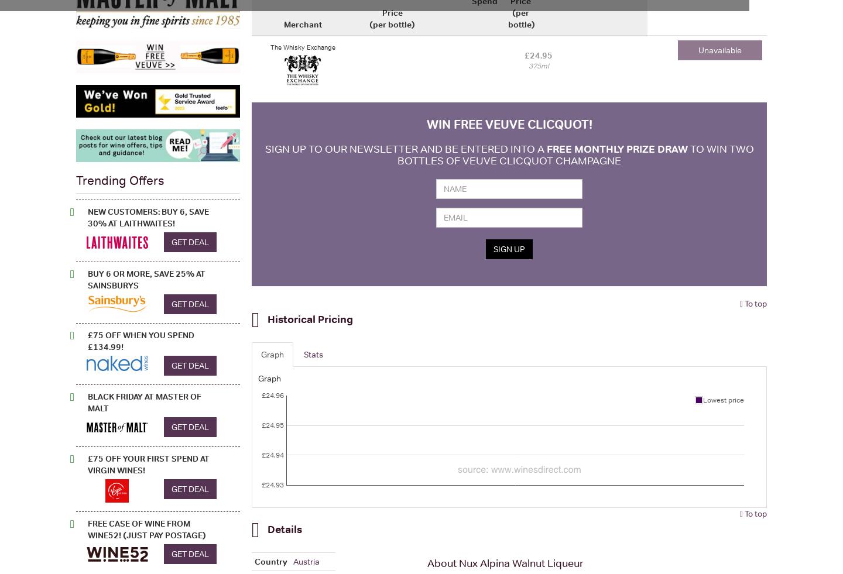  What do you see at coordinates (146, 528) in the screenshot?
I see `'FREE Case of Wine from Wine52! (Just pay postage)'` at bounding box center [146, 528].